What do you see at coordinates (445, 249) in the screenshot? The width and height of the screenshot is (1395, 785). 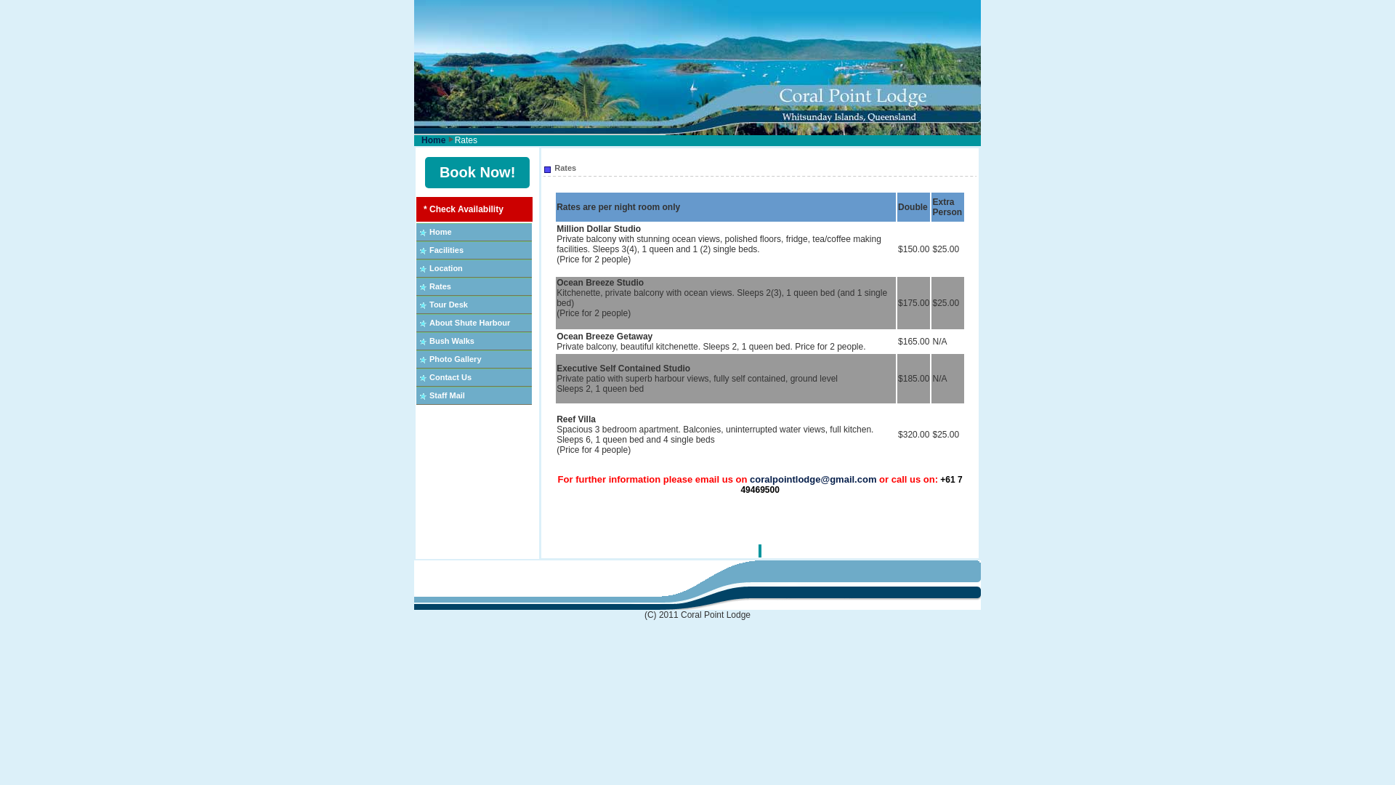 I see `'Facilities'` at bounding box center [445, 249].